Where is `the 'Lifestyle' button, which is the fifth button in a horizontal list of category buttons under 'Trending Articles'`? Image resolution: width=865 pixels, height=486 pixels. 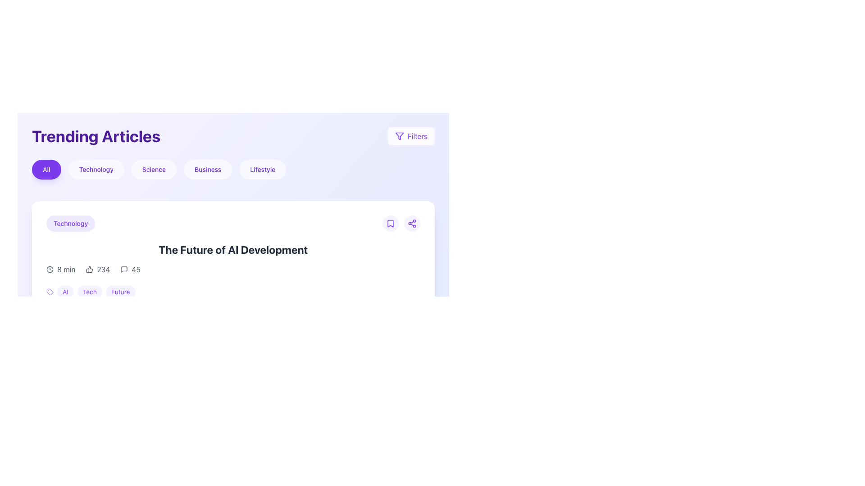 the 'Lifestyle' button, which is the fifth button in a horizontal list of category buttons under 'Trending Articles' is located at coordinates (262, 170).